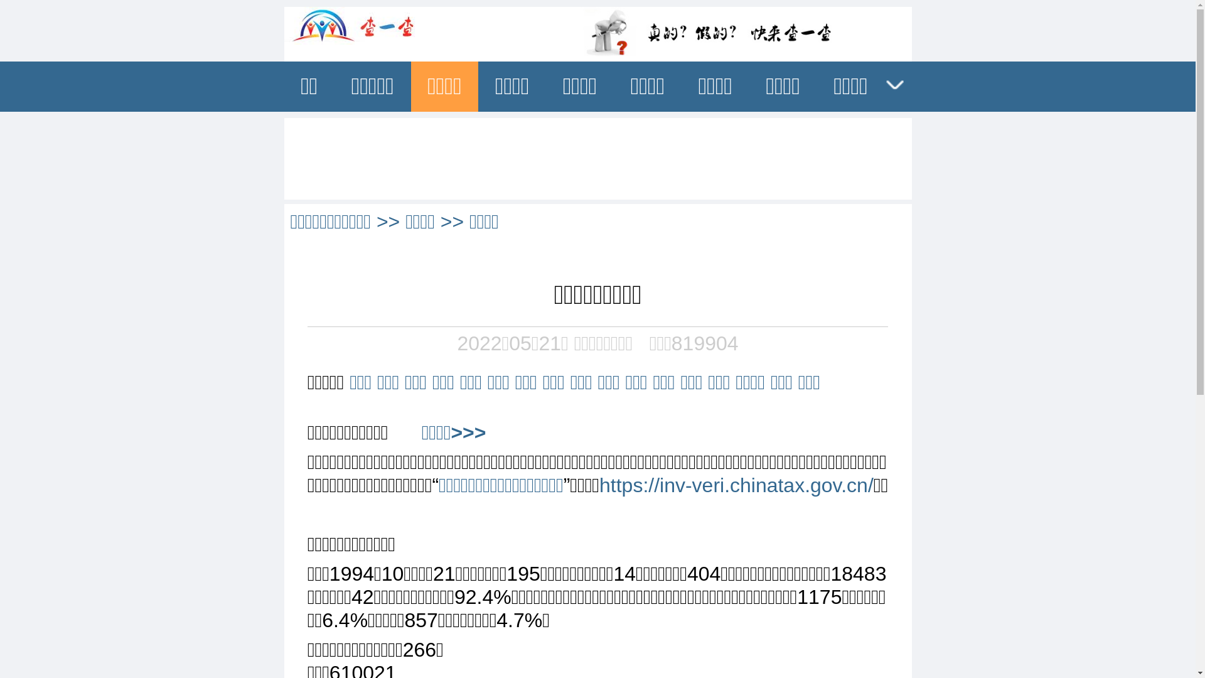 The image size is (1205, 678). I want to click on 'https://inv-veri.chinatax.gov.cn/', so click(736, 484).